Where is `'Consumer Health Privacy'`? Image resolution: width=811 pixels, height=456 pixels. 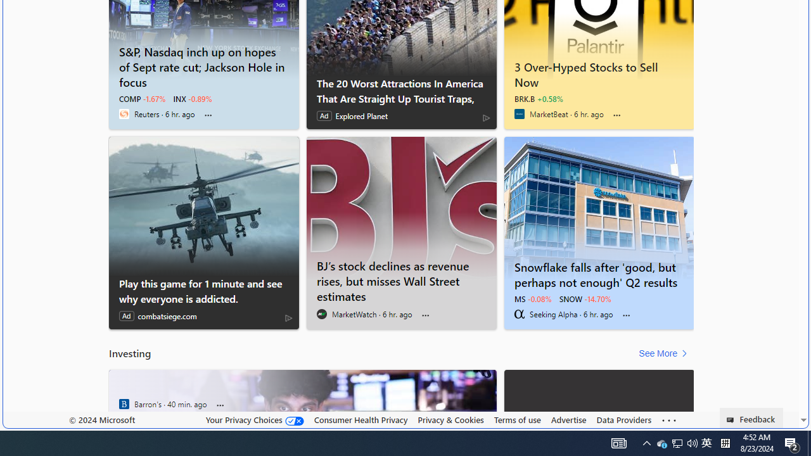 'Consumer Health Privacy' is located at coordinates (360, 420).